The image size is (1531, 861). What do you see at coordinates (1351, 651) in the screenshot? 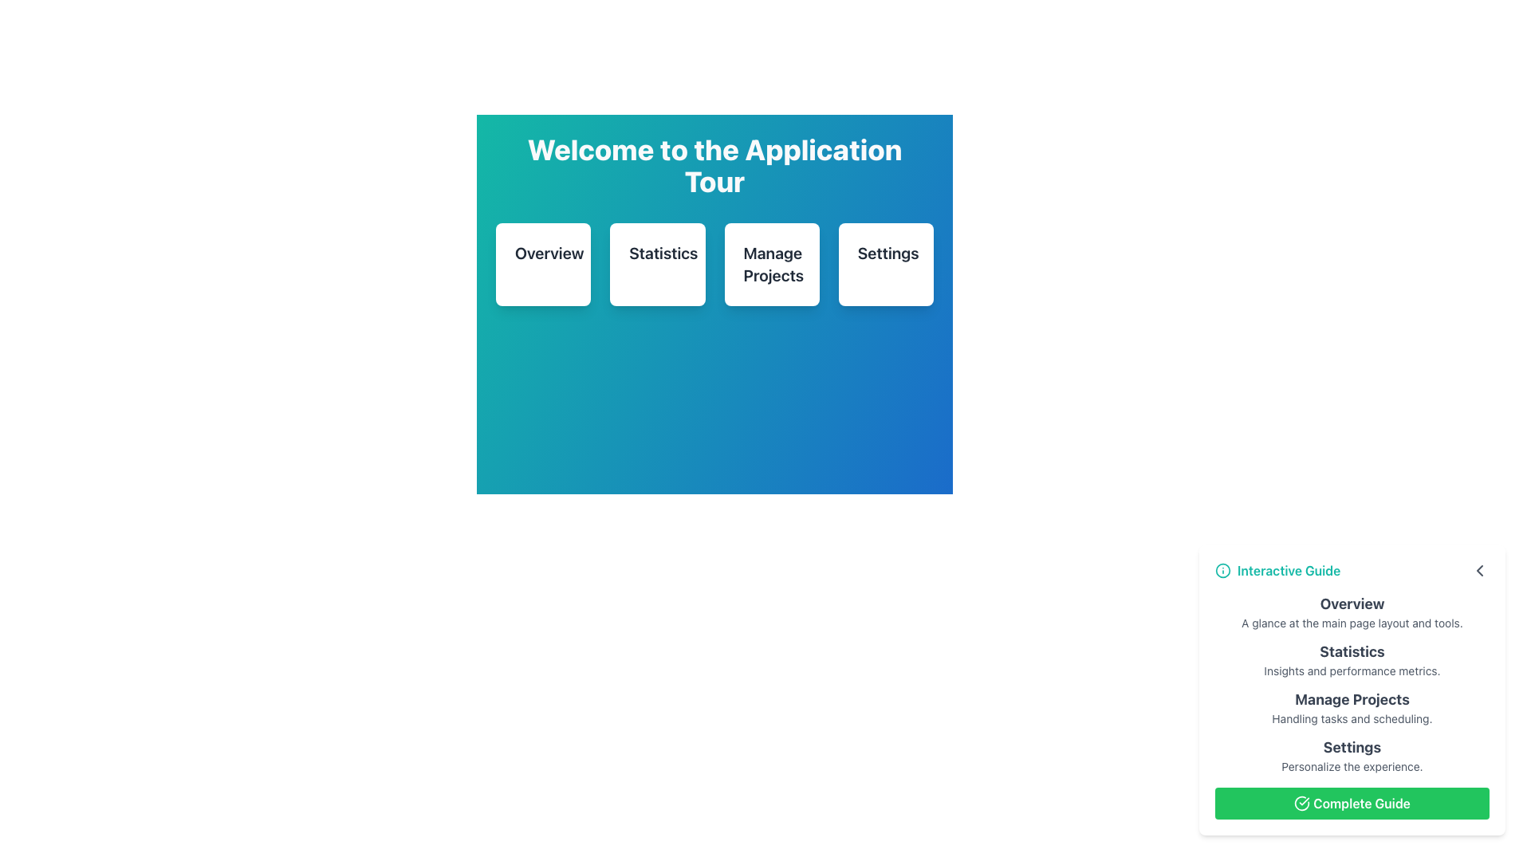
I see `the section header label that introduces 'Insights and performance metrics' in the right-hand sidebar` at bounding box center [1351, 651].